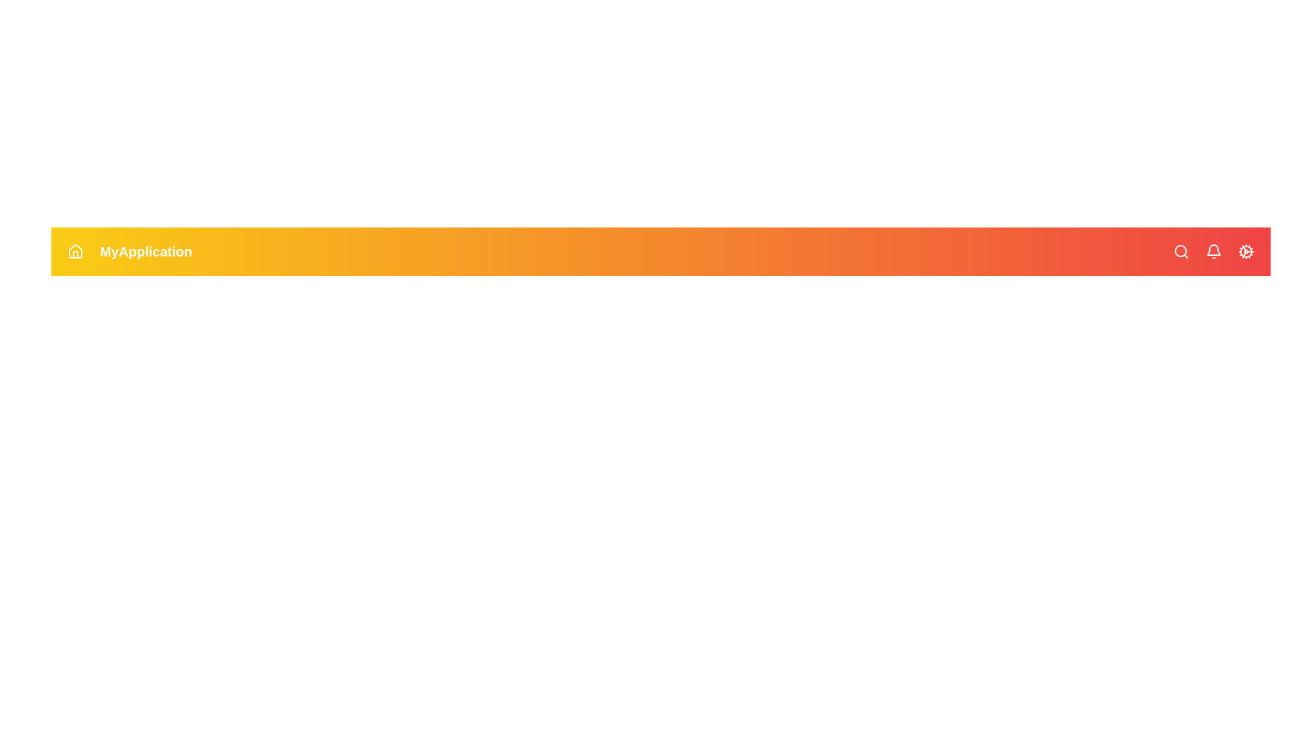 The height and width of the screenshot is (729, 1297). What do you see at coordinates (1213, 252) in the screenshot?
I see `the notification button located as the third interactive item in the group of icons on the right side of the navigation bar` at bounding box center [1213, 252].